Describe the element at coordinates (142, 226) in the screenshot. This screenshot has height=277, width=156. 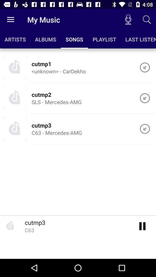
I see `the pause icon` at that location.